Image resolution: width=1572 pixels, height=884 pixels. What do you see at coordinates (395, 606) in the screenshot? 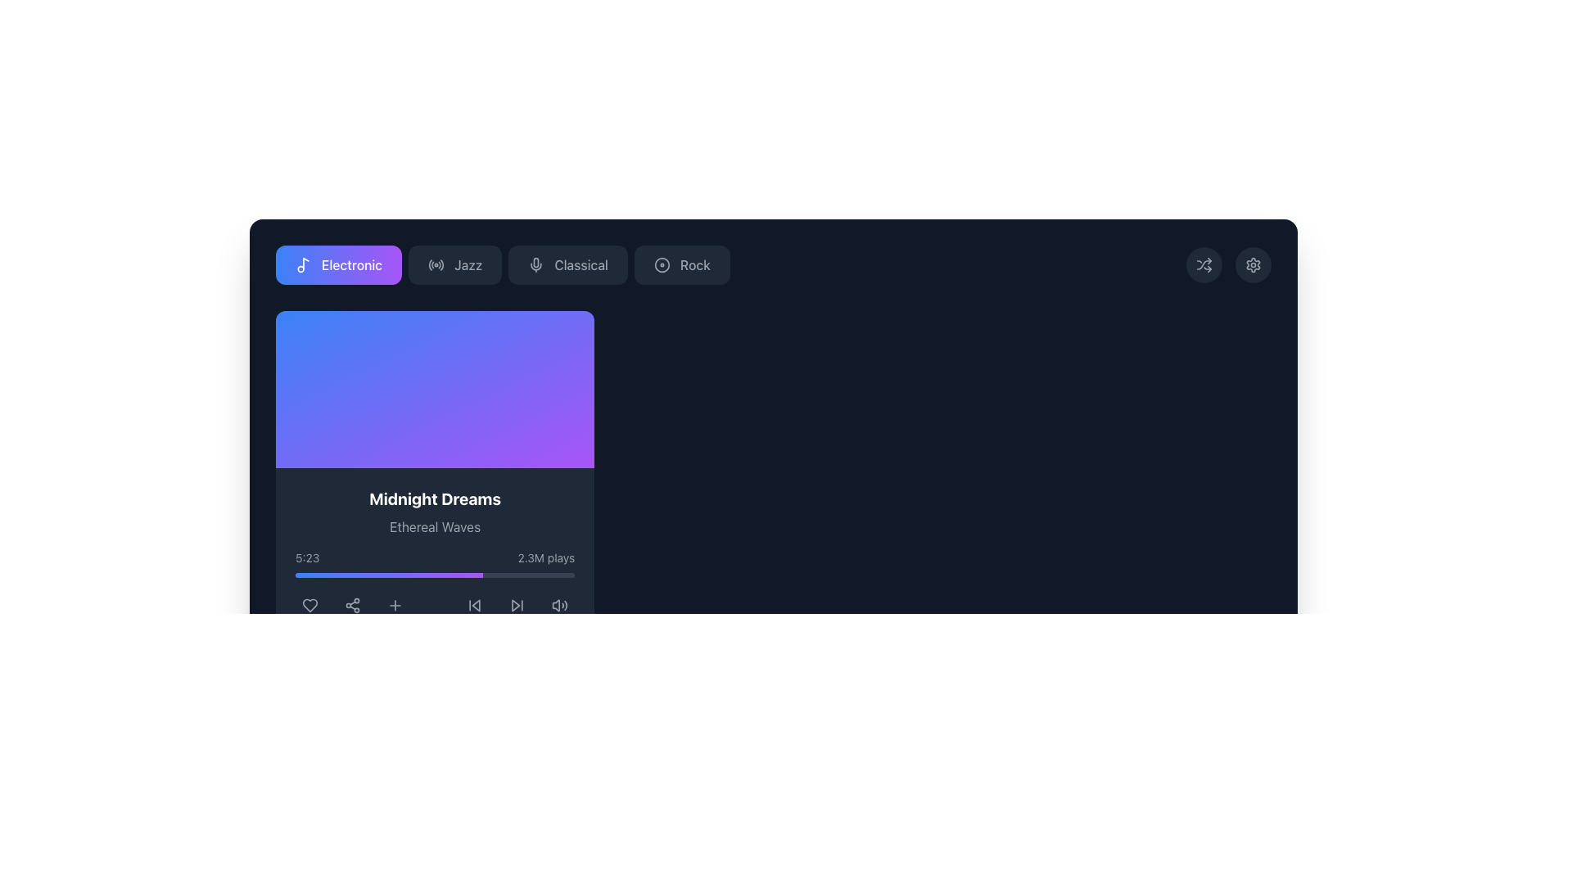
I see `the button located in the audio control bar that allows the user` at bounding box center [395, 606].